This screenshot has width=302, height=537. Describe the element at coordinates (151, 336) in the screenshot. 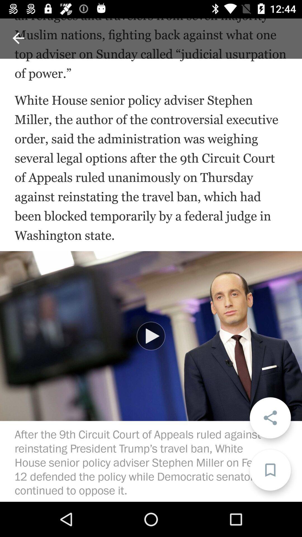

I see `item at the center` at that location.